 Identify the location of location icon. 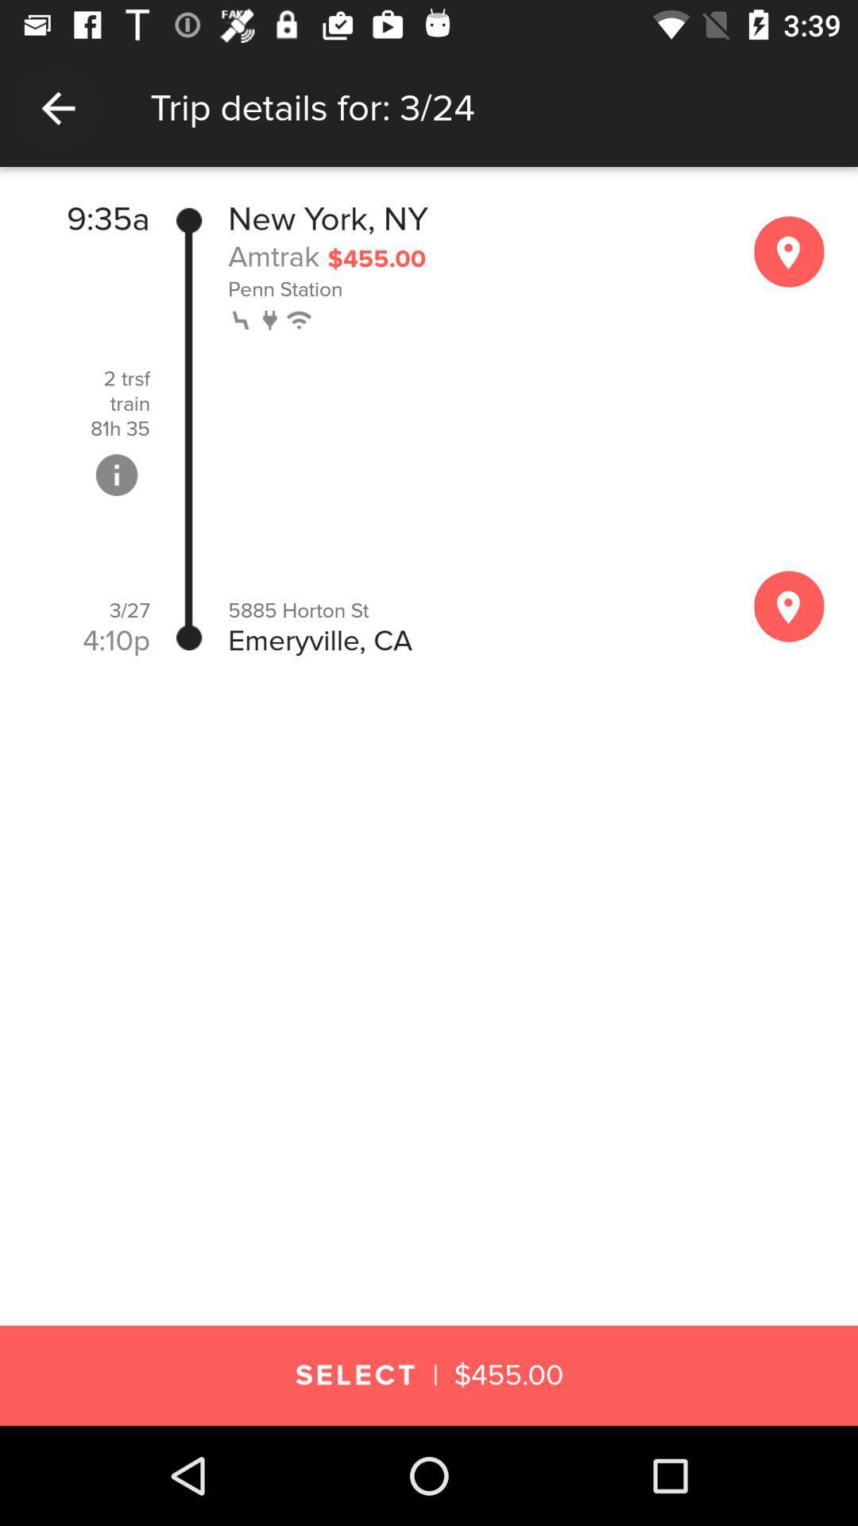
(789, 250).